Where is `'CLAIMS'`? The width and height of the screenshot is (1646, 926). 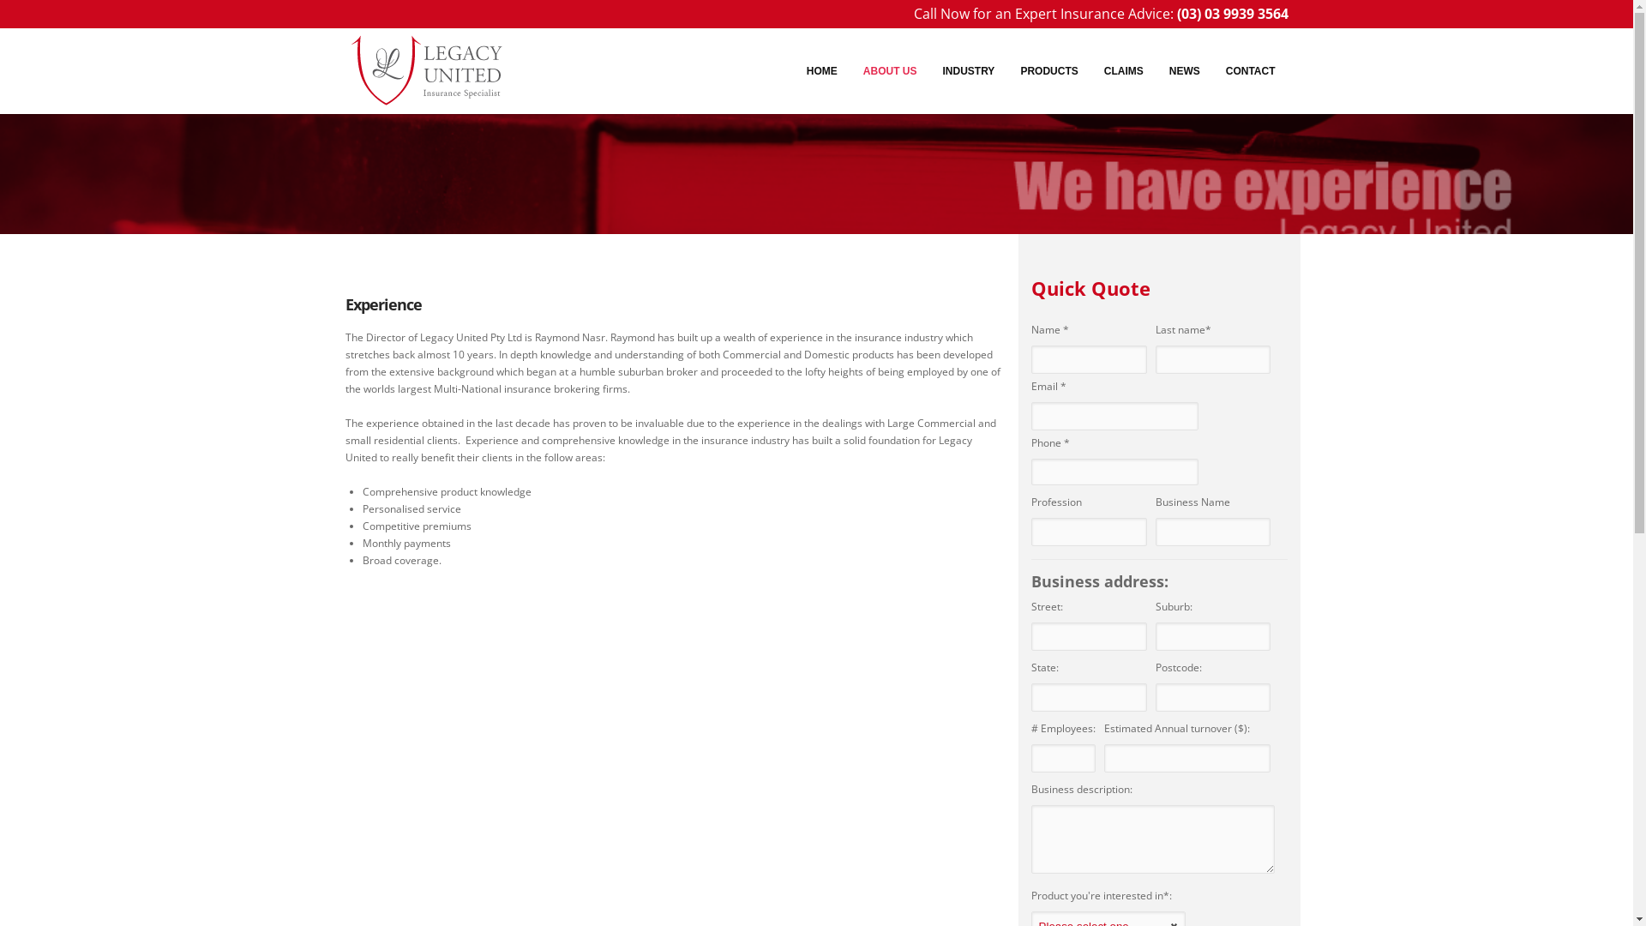 'CLAIMS' is located at coordinates (1123, 70).